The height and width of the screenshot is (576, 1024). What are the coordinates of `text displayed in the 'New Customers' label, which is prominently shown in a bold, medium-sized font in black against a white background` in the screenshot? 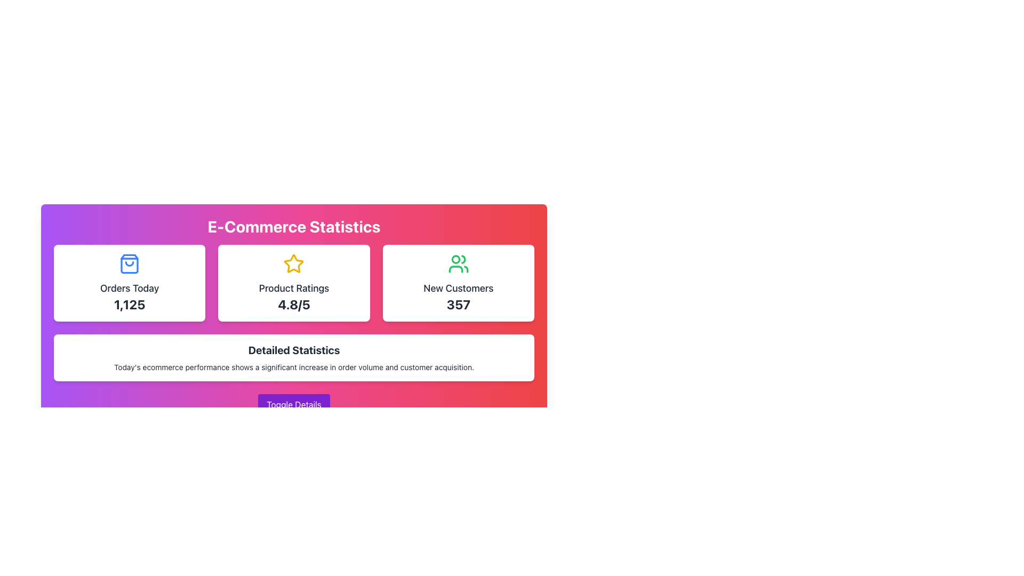 It's located at (458, 288).